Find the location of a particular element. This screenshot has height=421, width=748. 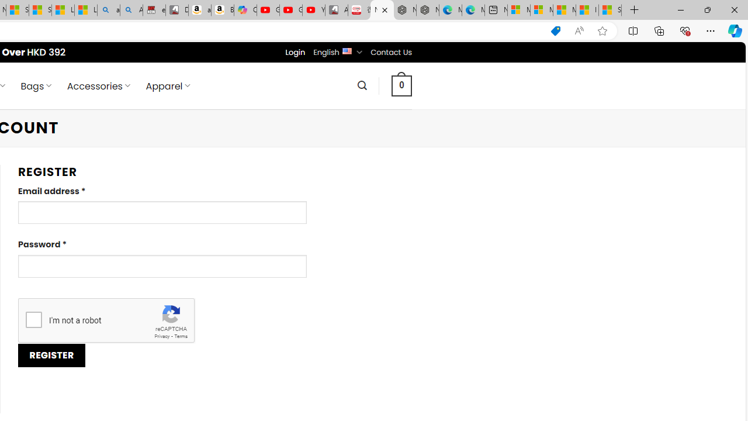

' 0 ' is located at coordinates (402, 85).